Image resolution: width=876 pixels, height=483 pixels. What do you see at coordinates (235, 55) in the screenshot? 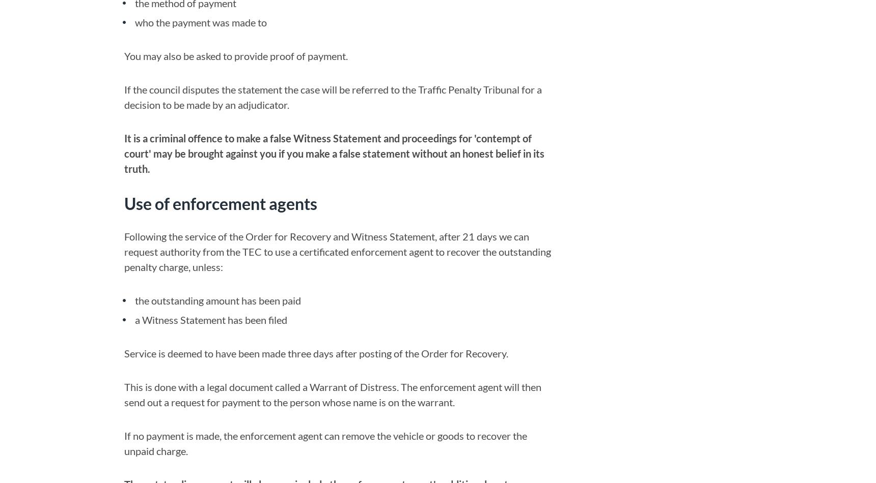
I see `'You may also be asked to provide proof of payment.'` at bounding box center [235, 55].